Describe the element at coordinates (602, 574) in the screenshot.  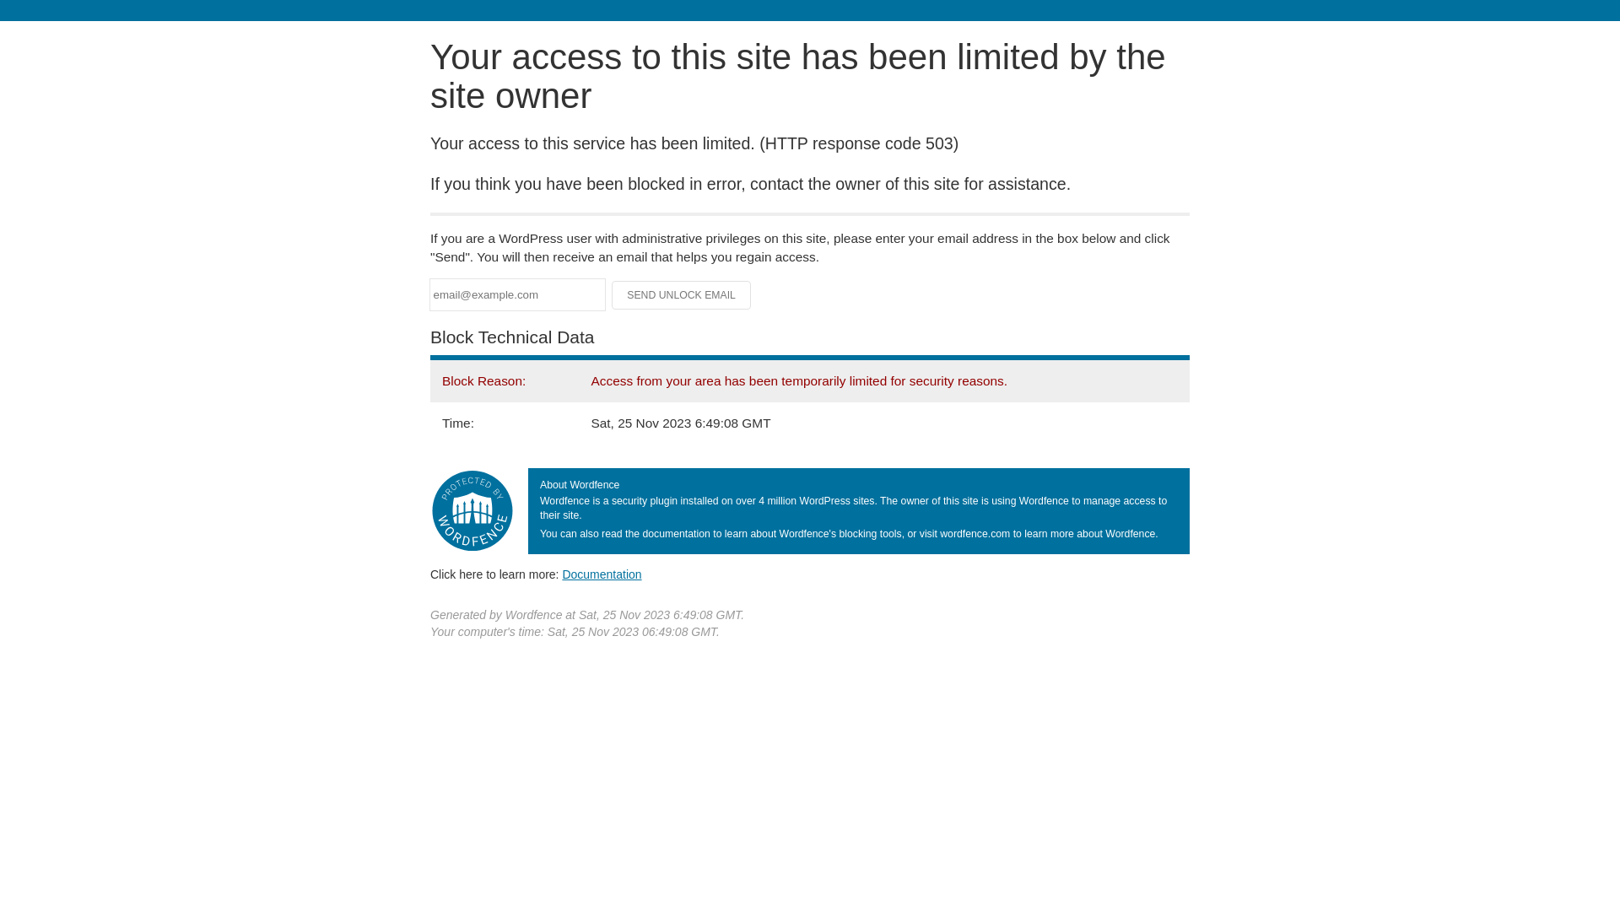
I see `'Documentation'` at that location.